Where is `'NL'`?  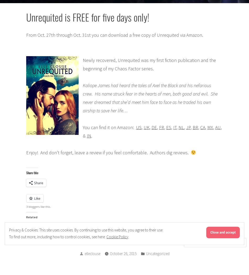
'NL' is located at coordinates (178, 127).